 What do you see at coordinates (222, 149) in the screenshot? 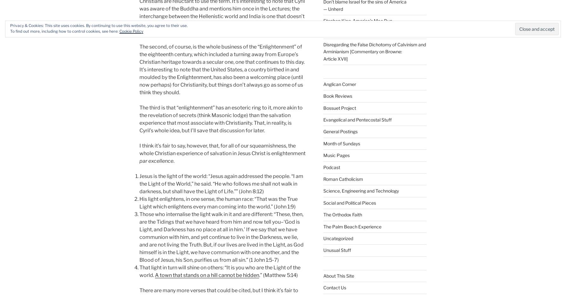
I see `'I think it’s fair to say, however, that, for all of our squeamishness, the whole Christian experience of salvation in Jesus Christ is enlightenment'` at bounding box center [222, 149].